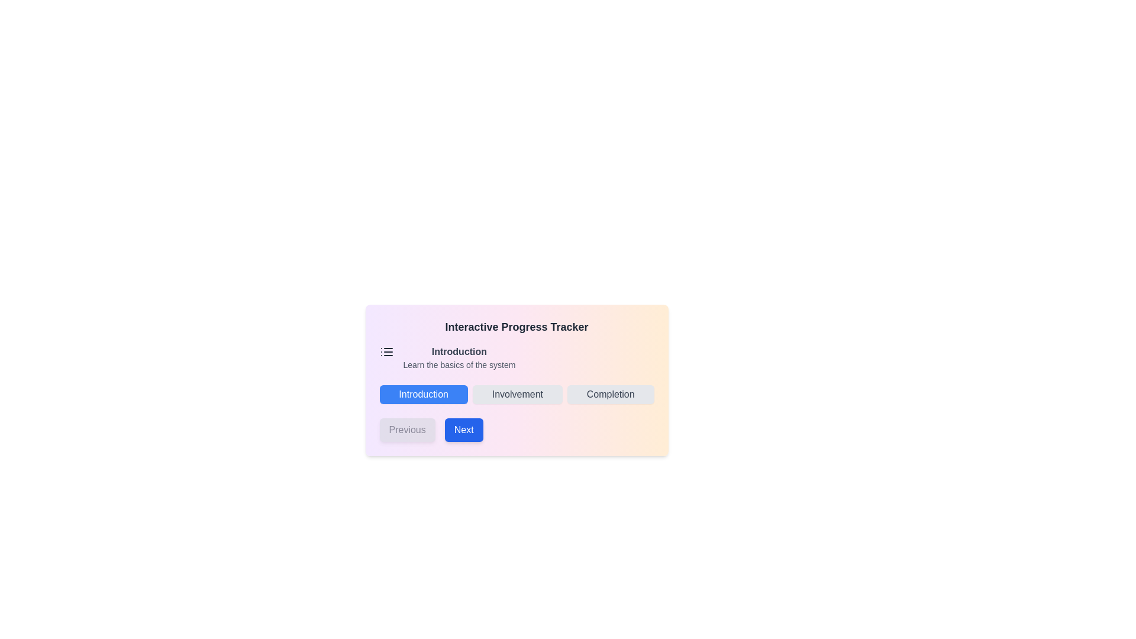 The height and width of the screenshot is (639, 1136). What do you see at coordinates (517, 395) in the screenshot?
I see `the 'Involvement' button which is the second button among a set of three horizontally-aligned buttons, distinguished by its light gray background and medium-weight dark gray text` at bounding box center [517, 395].